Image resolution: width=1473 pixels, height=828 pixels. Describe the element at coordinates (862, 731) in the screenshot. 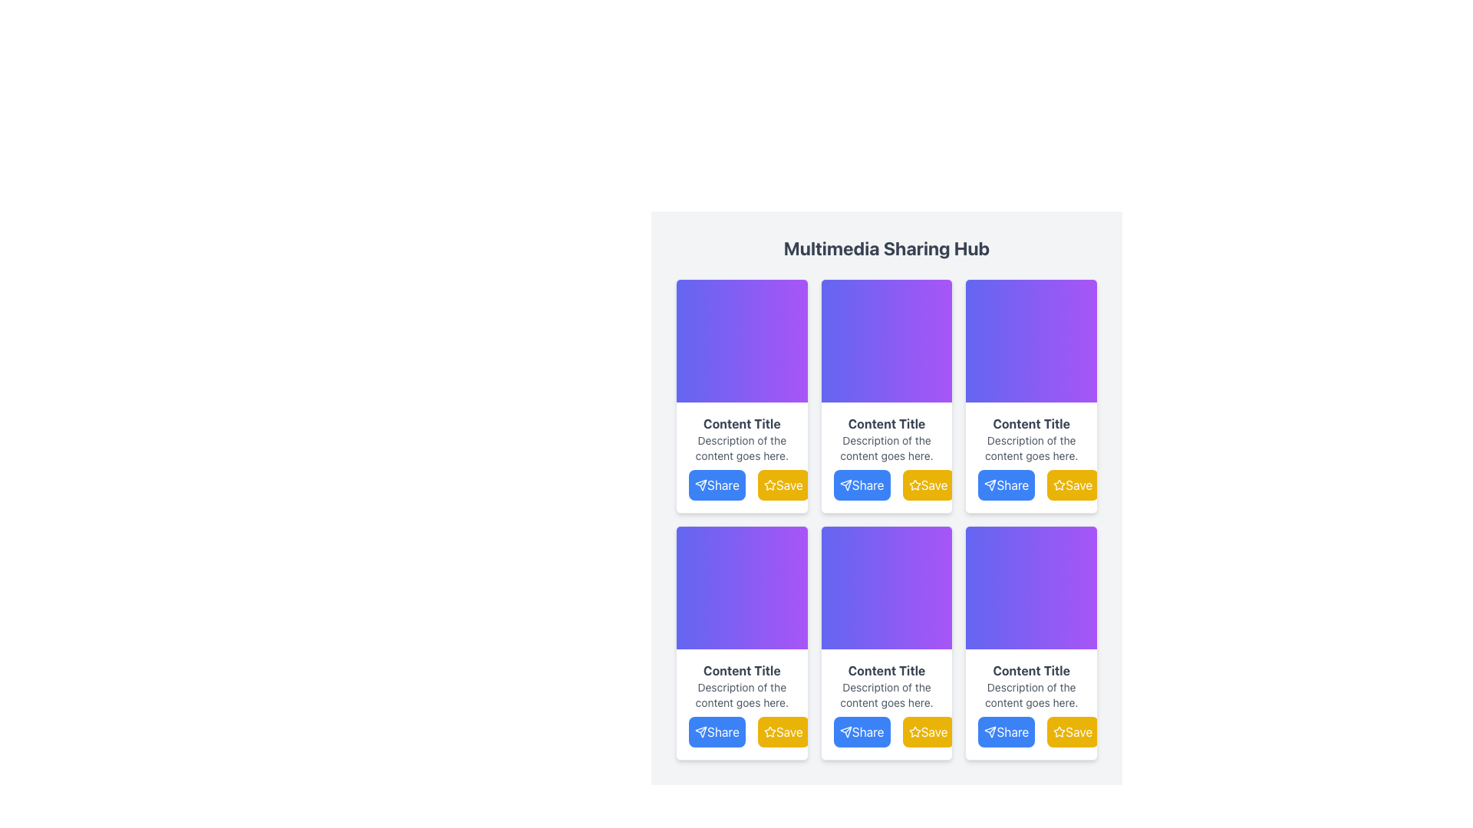

I see `the 'Share' button, which has rounded edges, a blue background, and white text` at that location.